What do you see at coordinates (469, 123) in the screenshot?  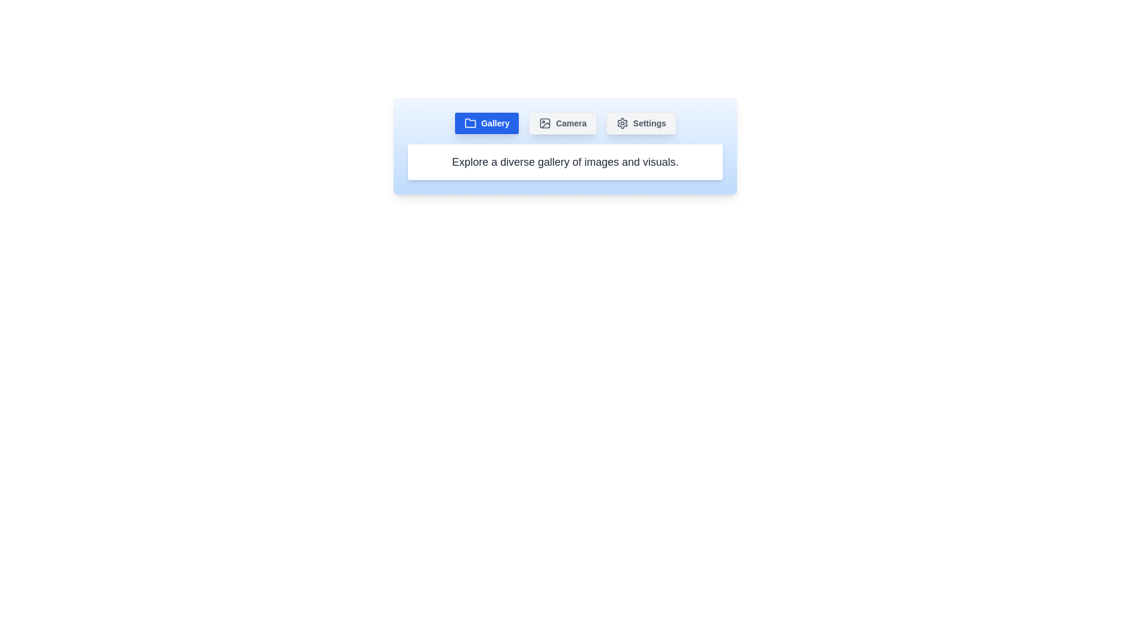 I see `the vector graphic icon that indicates the folder or gallery-related action, positioned at the far left of the button containing the text 'Gallery'` at bounding box center [469, 123].